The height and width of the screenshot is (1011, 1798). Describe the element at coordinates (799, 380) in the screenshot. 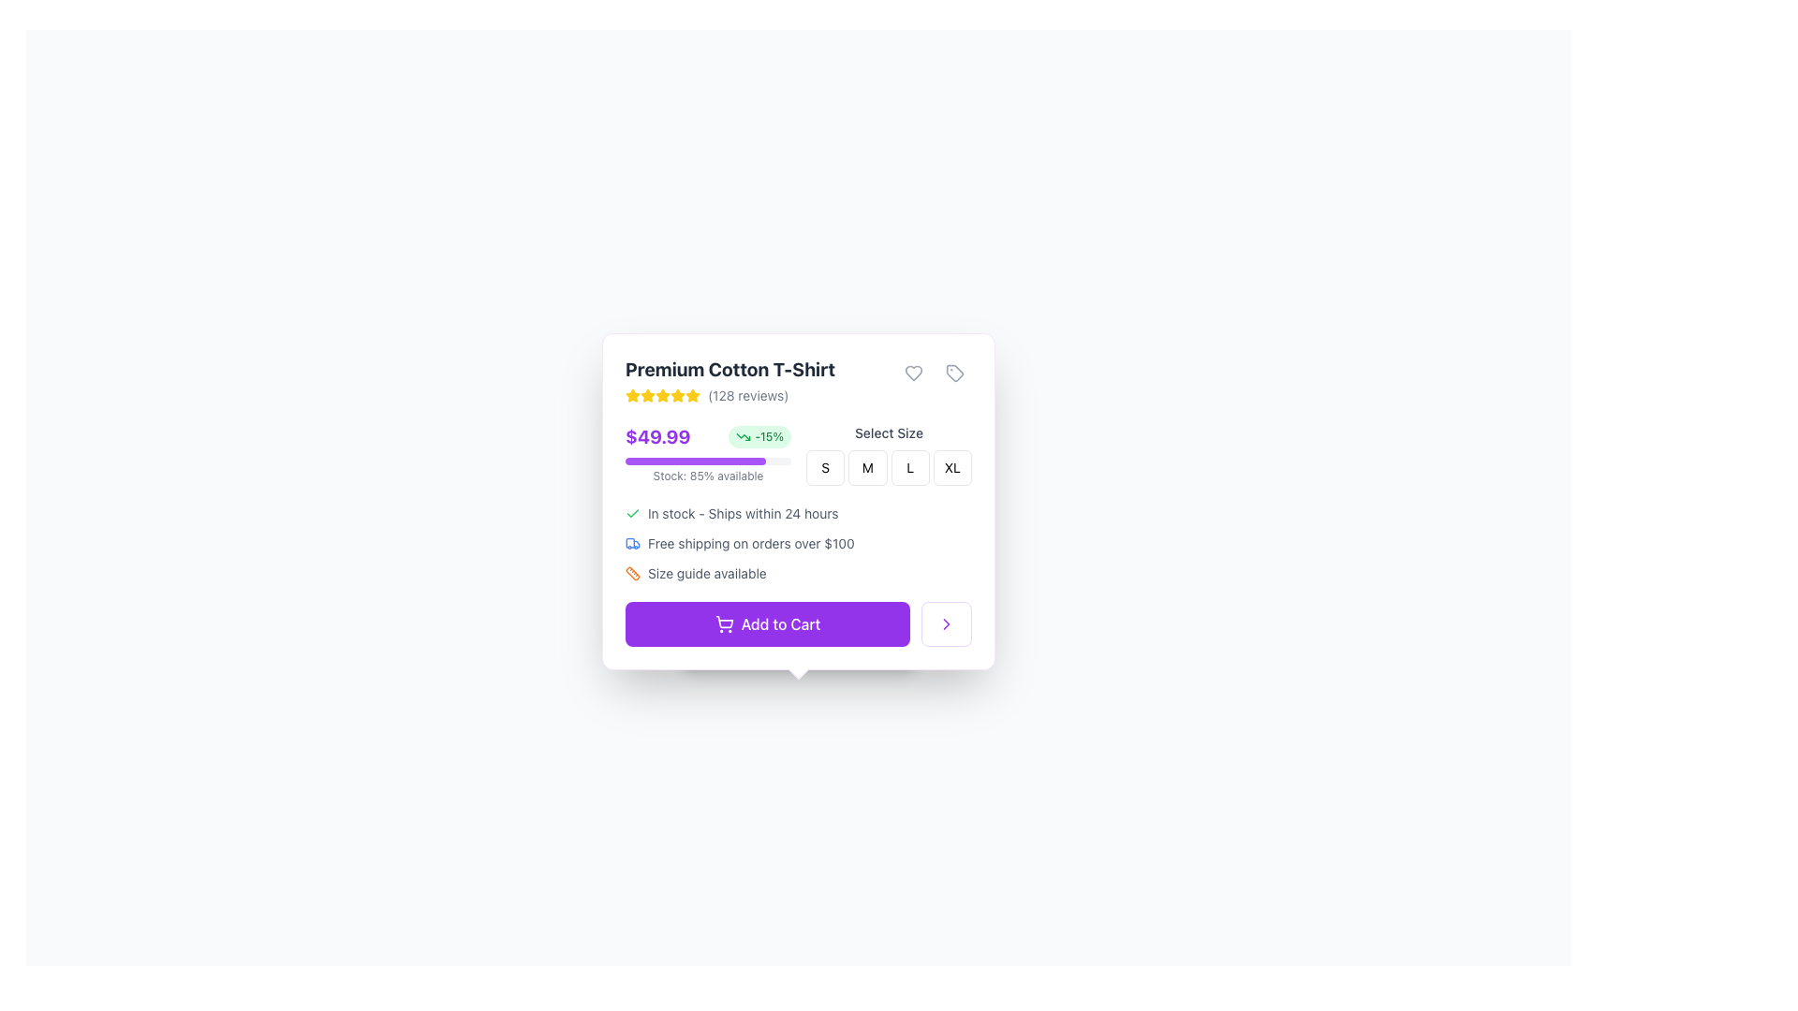

I see `the Header or Title element displaying the product's name and review count` at that location.